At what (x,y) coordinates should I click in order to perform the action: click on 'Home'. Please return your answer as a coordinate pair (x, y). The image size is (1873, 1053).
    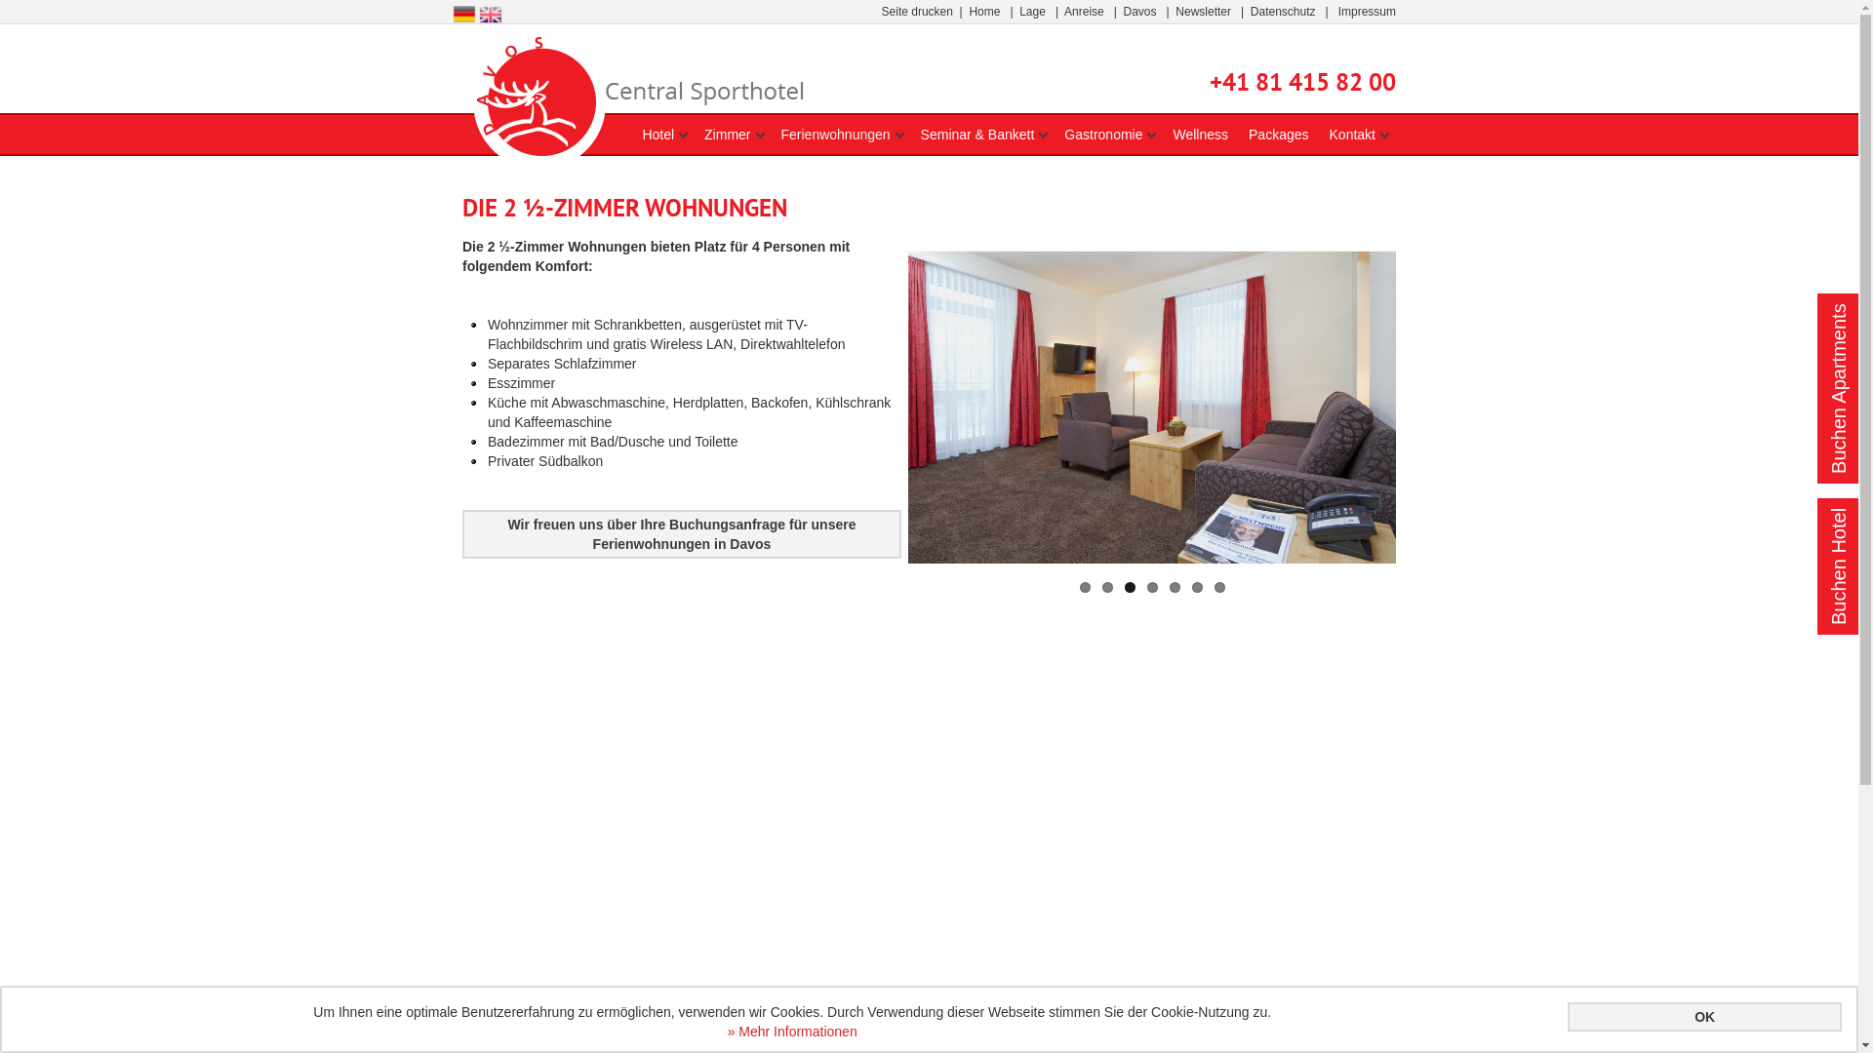
    Looking at the image, I should click on (969, 11).